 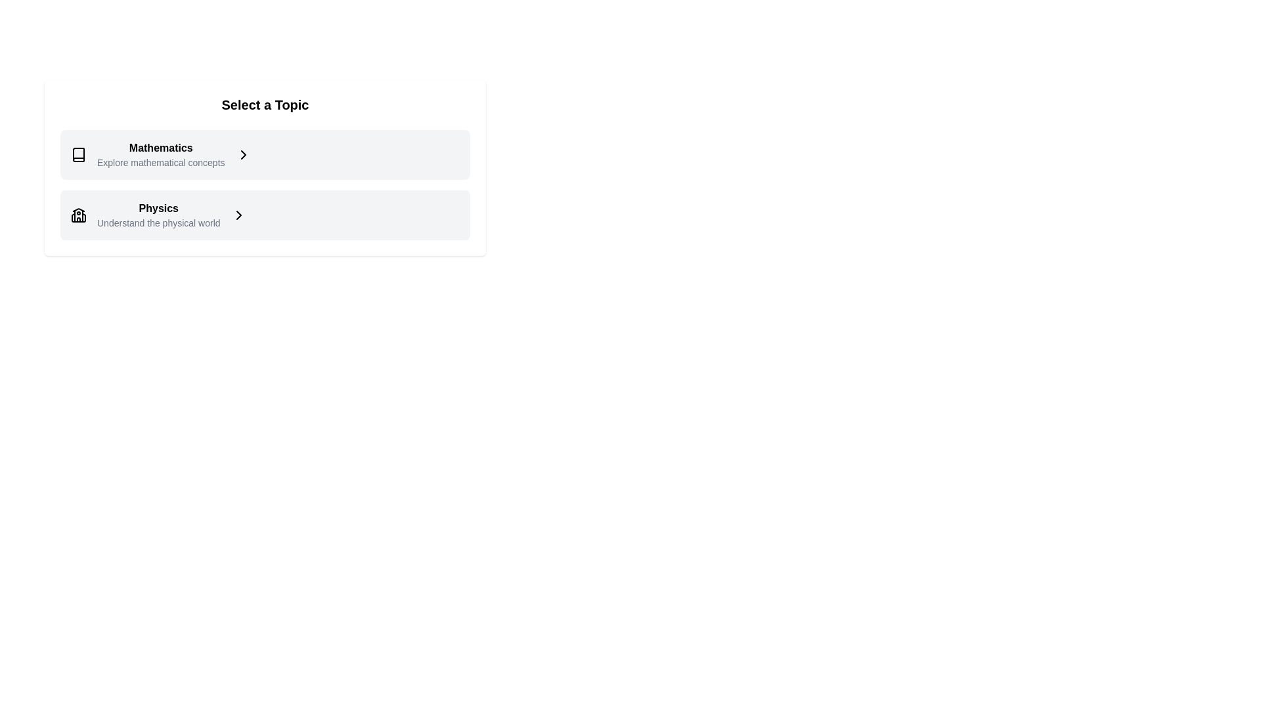 What do you see at coordinates (238, 214) in the screenshot?
I see `the navigation icon located to the right of the 'Physics' option in the sub-menu to proceed to the next step` at bounding box center [238, 214].